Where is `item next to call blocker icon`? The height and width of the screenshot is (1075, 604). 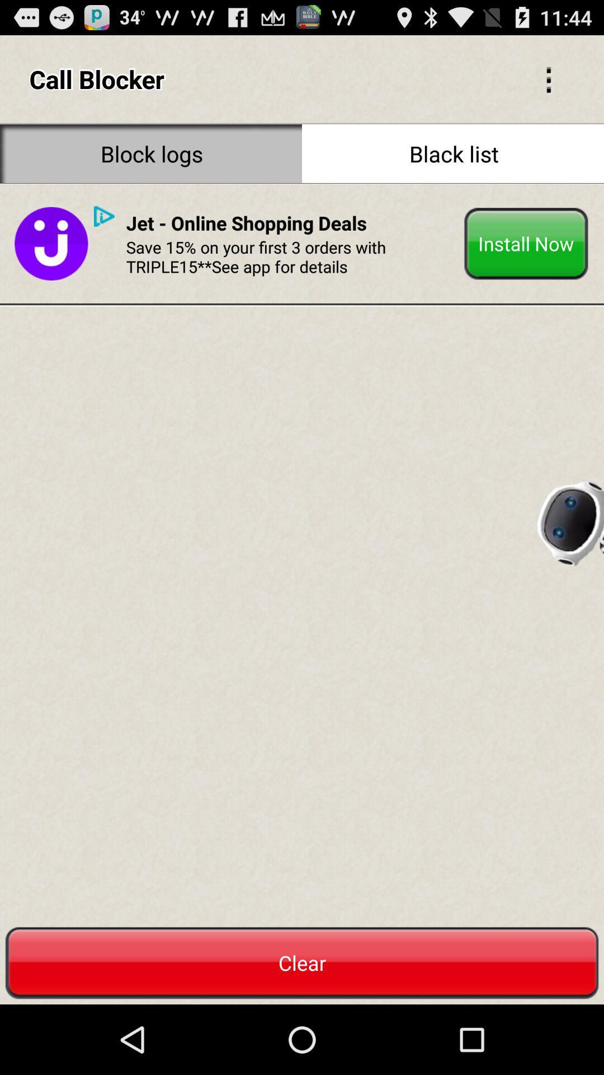 item next to call blocker icon is located at coordinates (548, 78).